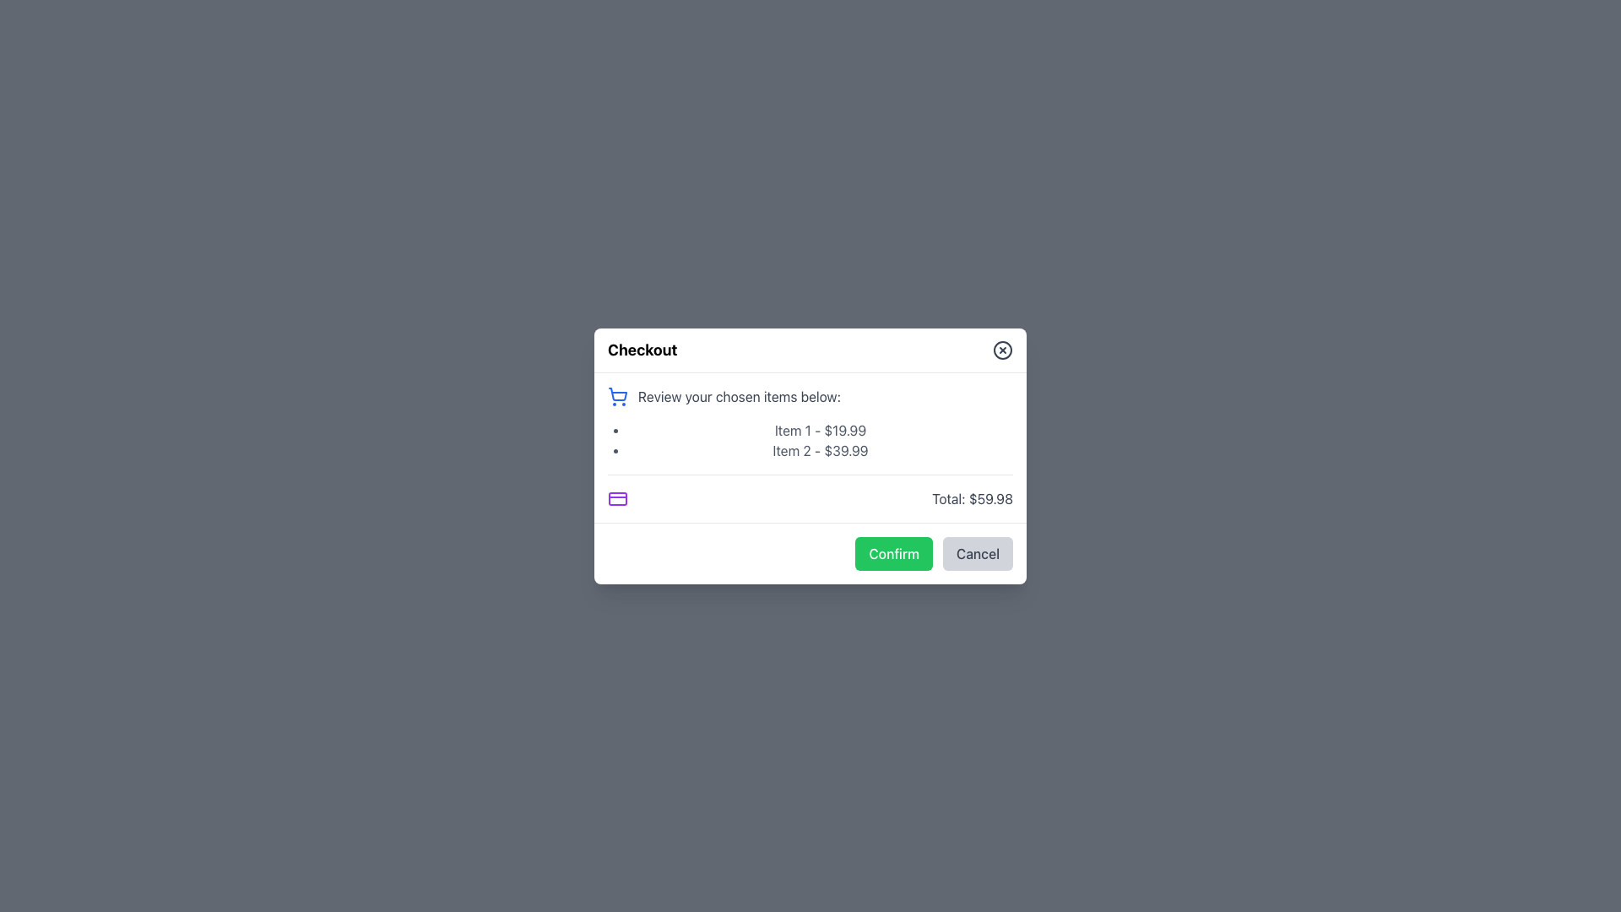 The image size is (1621, 912). Describe the element at coordinates (617, 394) in the screenshot. I see `the main body of the shopping cart icon located inside the 'Checkout' dialog box, adjacent to the text 'Review your chosen items below'` at that location.